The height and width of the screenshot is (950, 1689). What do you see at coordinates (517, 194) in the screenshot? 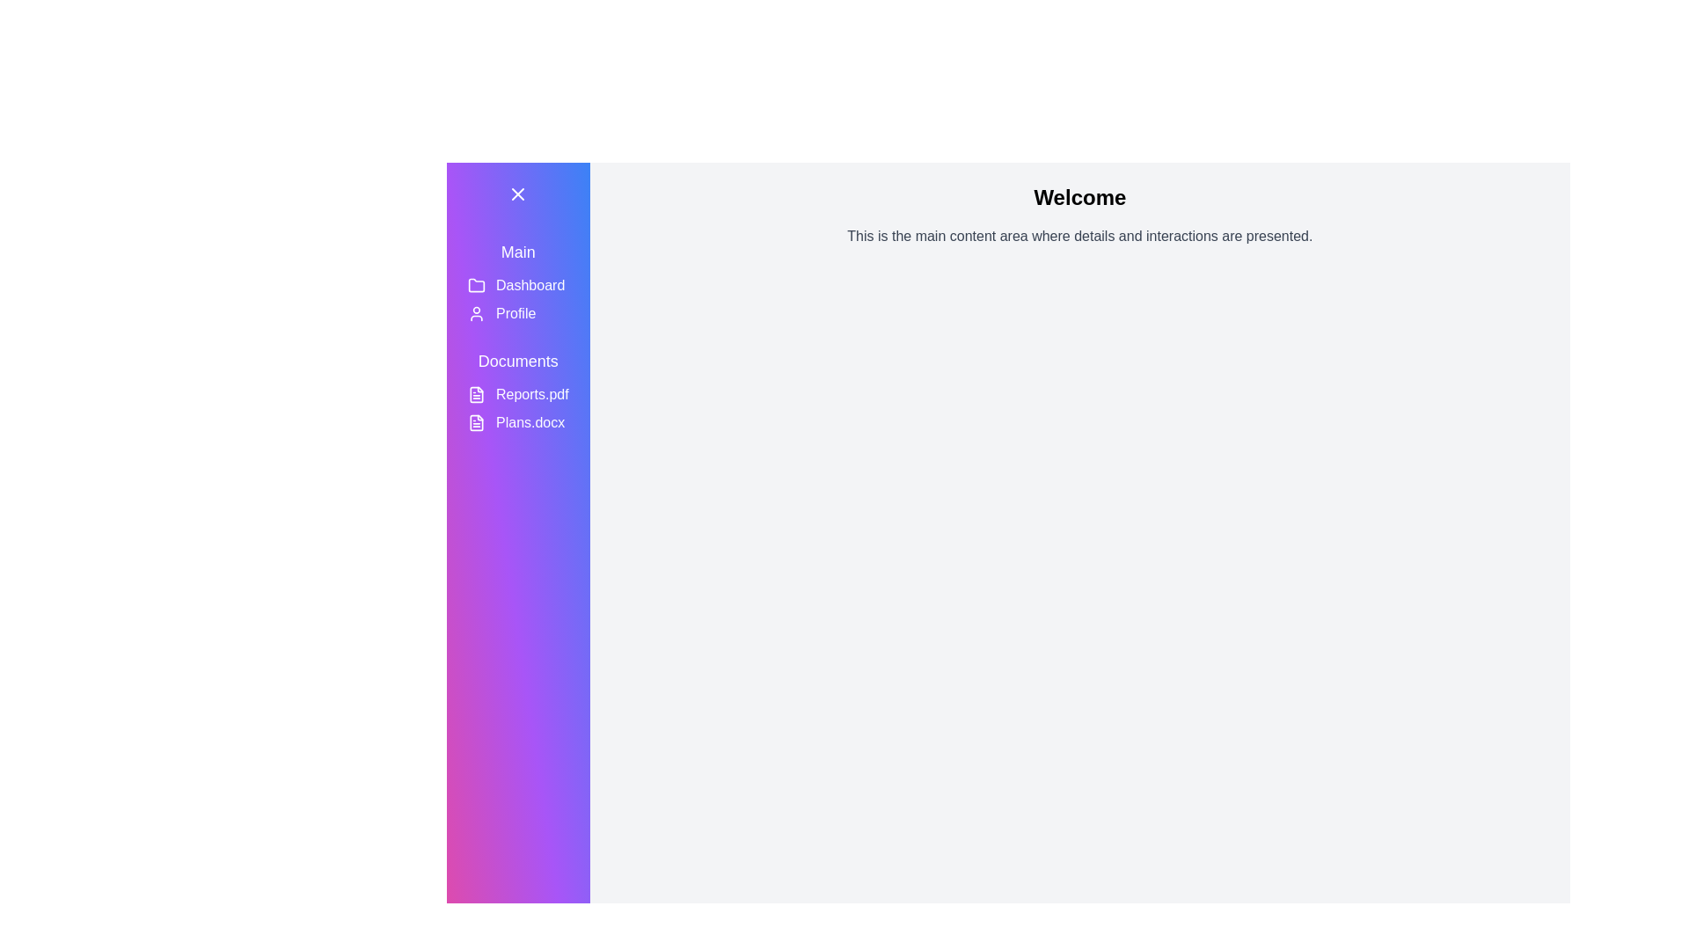
I see `the dismiss IconButton located at the top-left corner of the sidebar` at bounding box center [517, 194].